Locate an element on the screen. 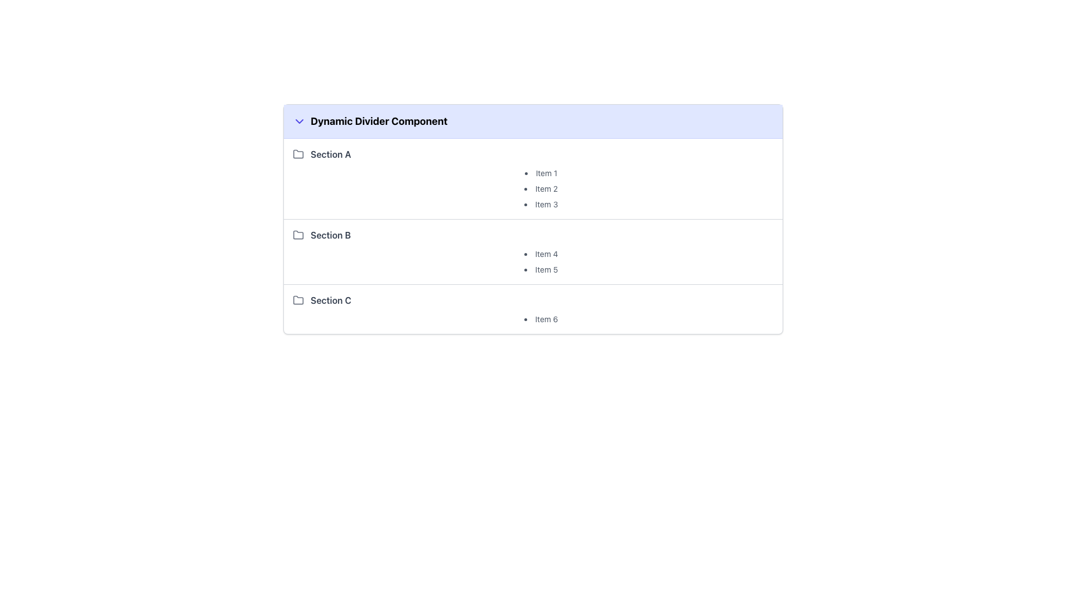 Image resolution: width=1071 pixels, height=602 pixels. text content of the unordered list located beneath 'Section A', which contains the items 'Item 1', 'Item 2', and 'Item 3' is located at coordinates (532, 188).